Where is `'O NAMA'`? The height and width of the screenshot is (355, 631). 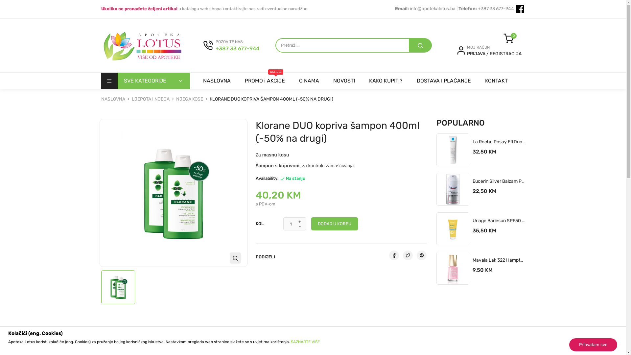 'O NAMA' is located at coordinates (292, 81).